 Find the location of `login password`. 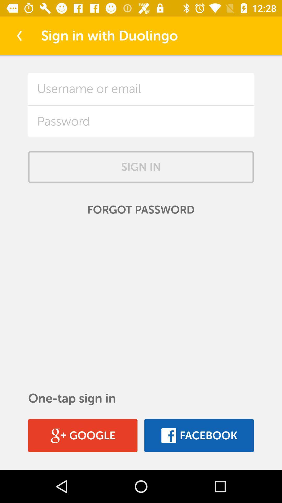

login password is located at coordinates (141, 121).